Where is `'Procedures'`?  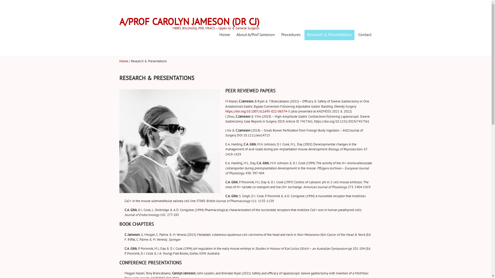
'Procedures' is located at coordinates (291, 35).